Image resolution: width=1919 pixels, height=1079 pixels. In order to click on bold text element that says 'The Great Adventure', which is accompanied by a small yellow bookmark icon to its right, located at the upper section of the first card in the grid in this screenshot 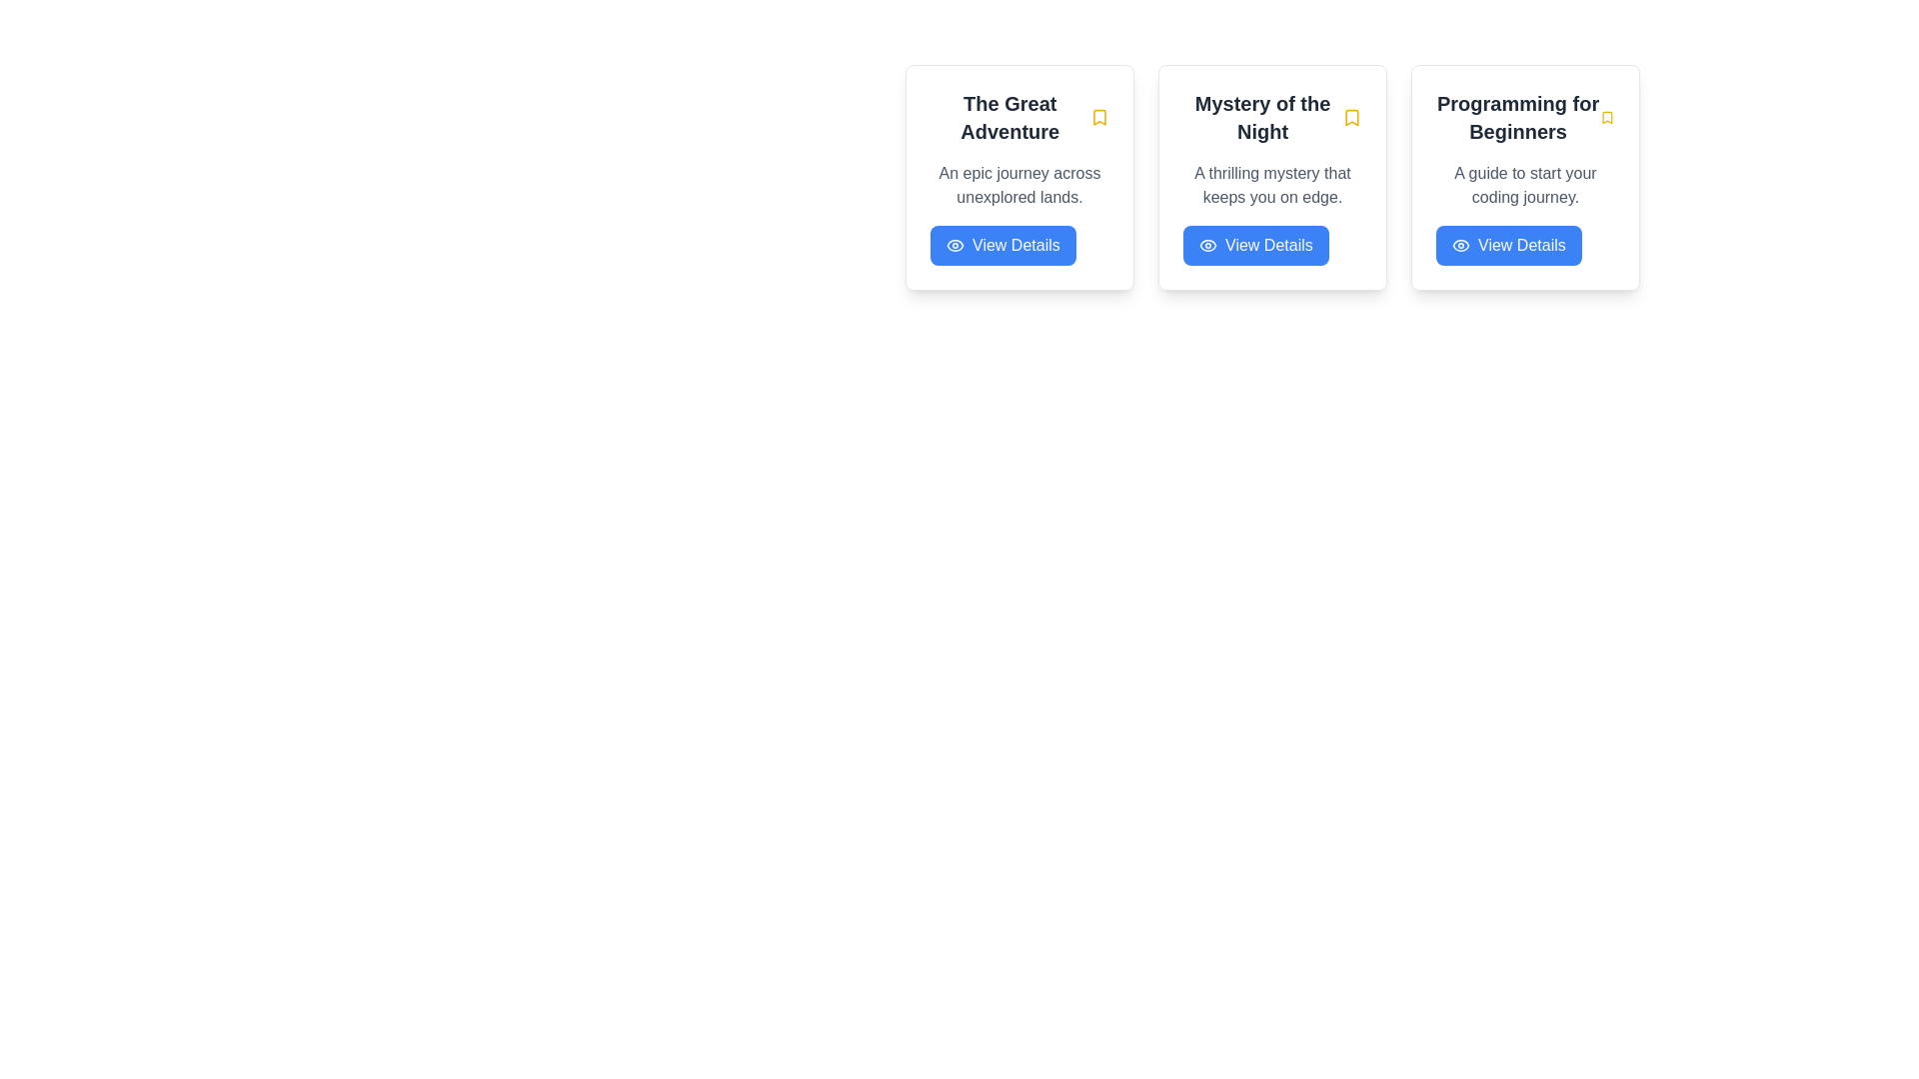, I will do `click(1019, 118)`.